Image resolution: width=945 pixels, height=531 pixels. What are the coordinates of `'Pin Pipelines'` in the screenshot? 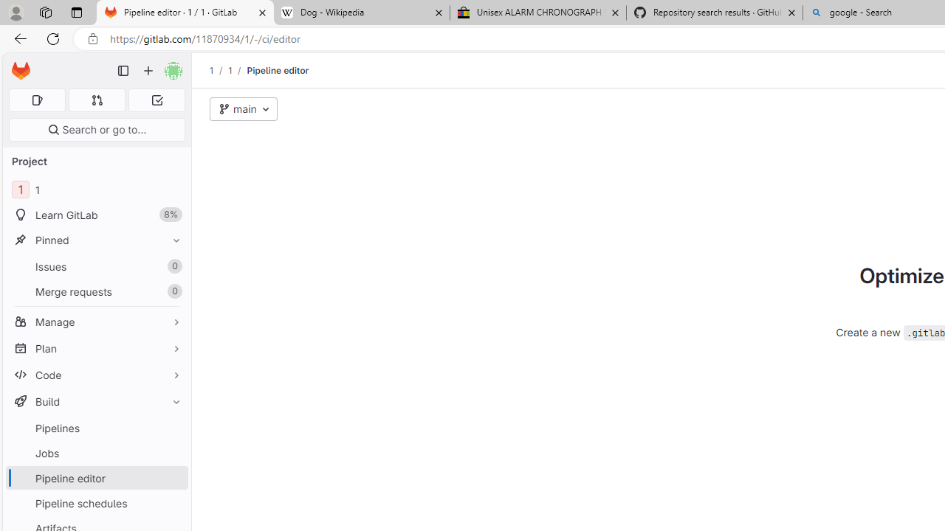 It's located at (173, 428).